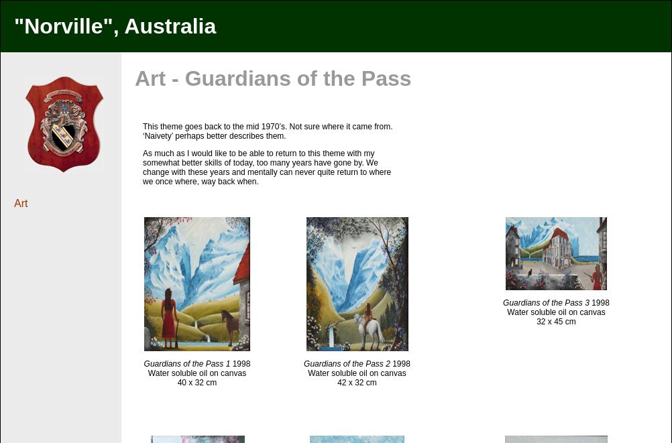 The width and height of the screenshot is (672, 443). Describe the element at coordinates (502, 302) in the screenshot. I see `'Guardians of the Pass 3'` at that location.